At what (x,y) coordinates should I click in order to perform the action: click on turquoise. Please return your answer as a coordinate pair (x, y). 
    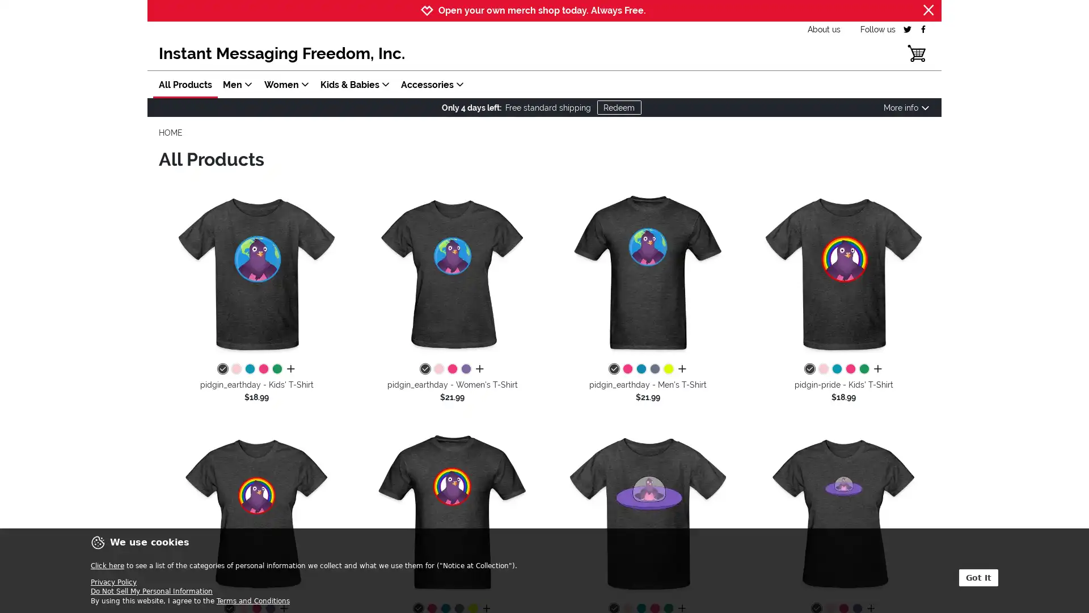
    Looking at the image, I should click on (836, 370).